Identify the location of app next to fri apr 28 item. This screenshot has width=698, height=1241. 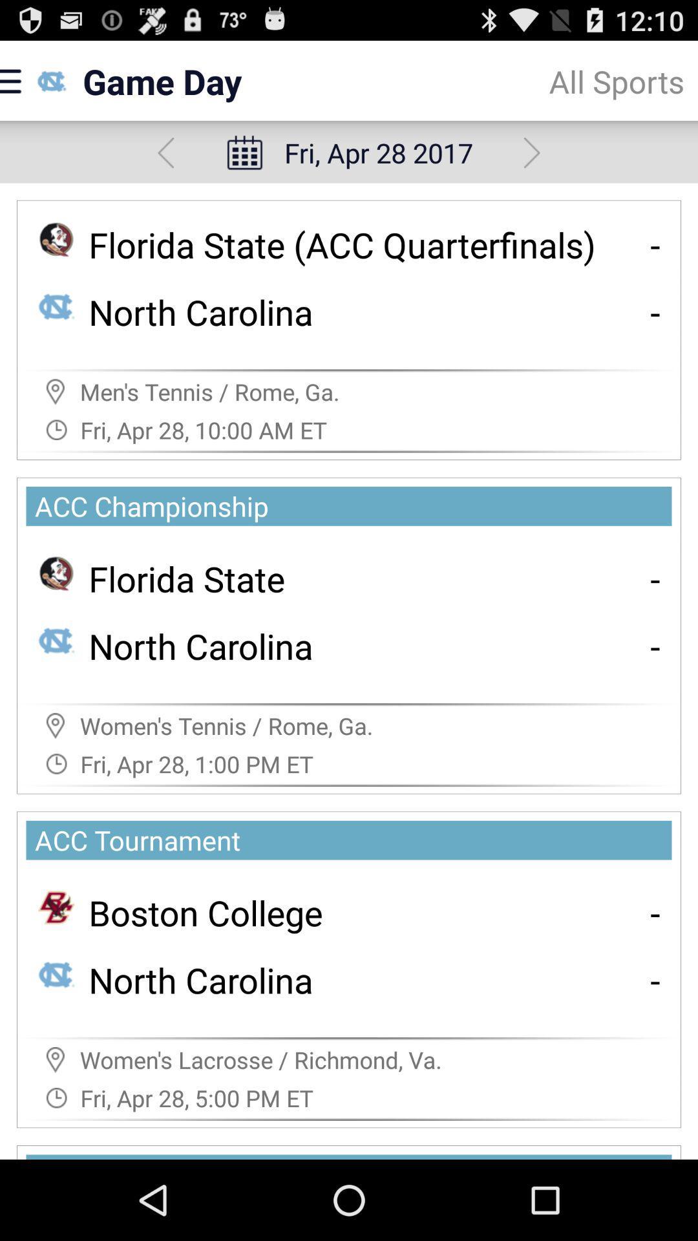
(532, 153).